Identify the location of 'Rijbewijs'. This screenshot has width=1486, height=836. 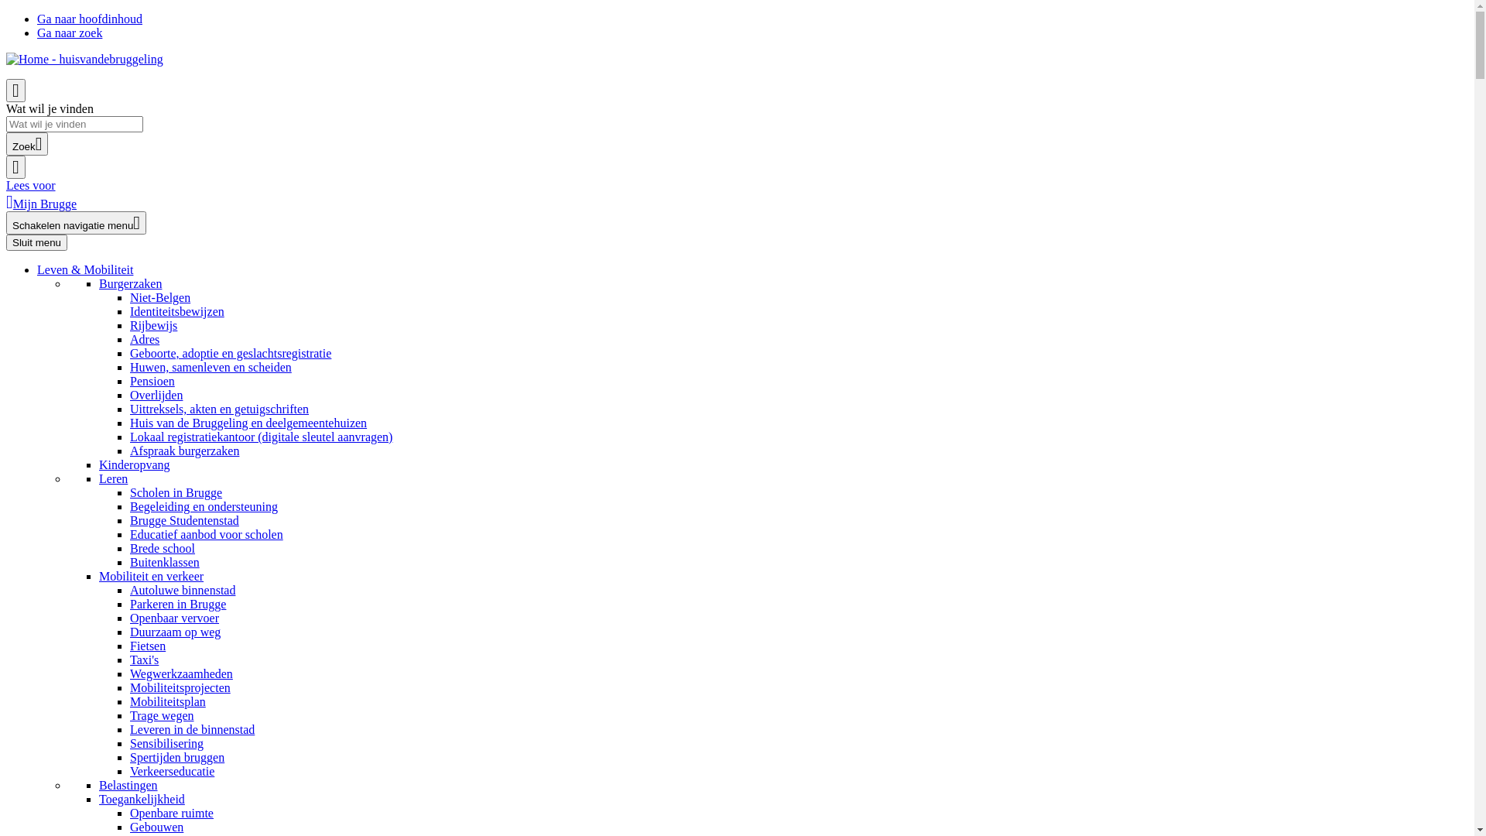
(153, 324).